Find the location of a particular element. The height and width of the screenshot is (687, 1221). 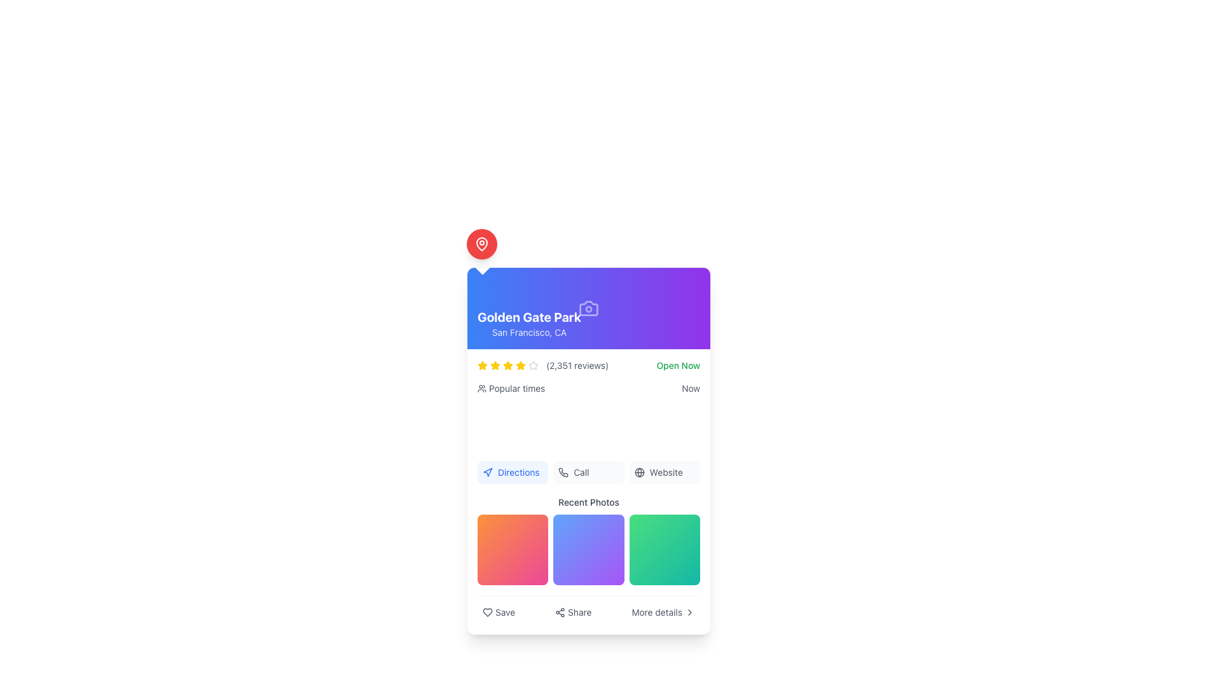

the fifth yellow star icon in the 5-star rating system, which is located above the text '(2,351 reviews)' is located at coordinates (507, 365).